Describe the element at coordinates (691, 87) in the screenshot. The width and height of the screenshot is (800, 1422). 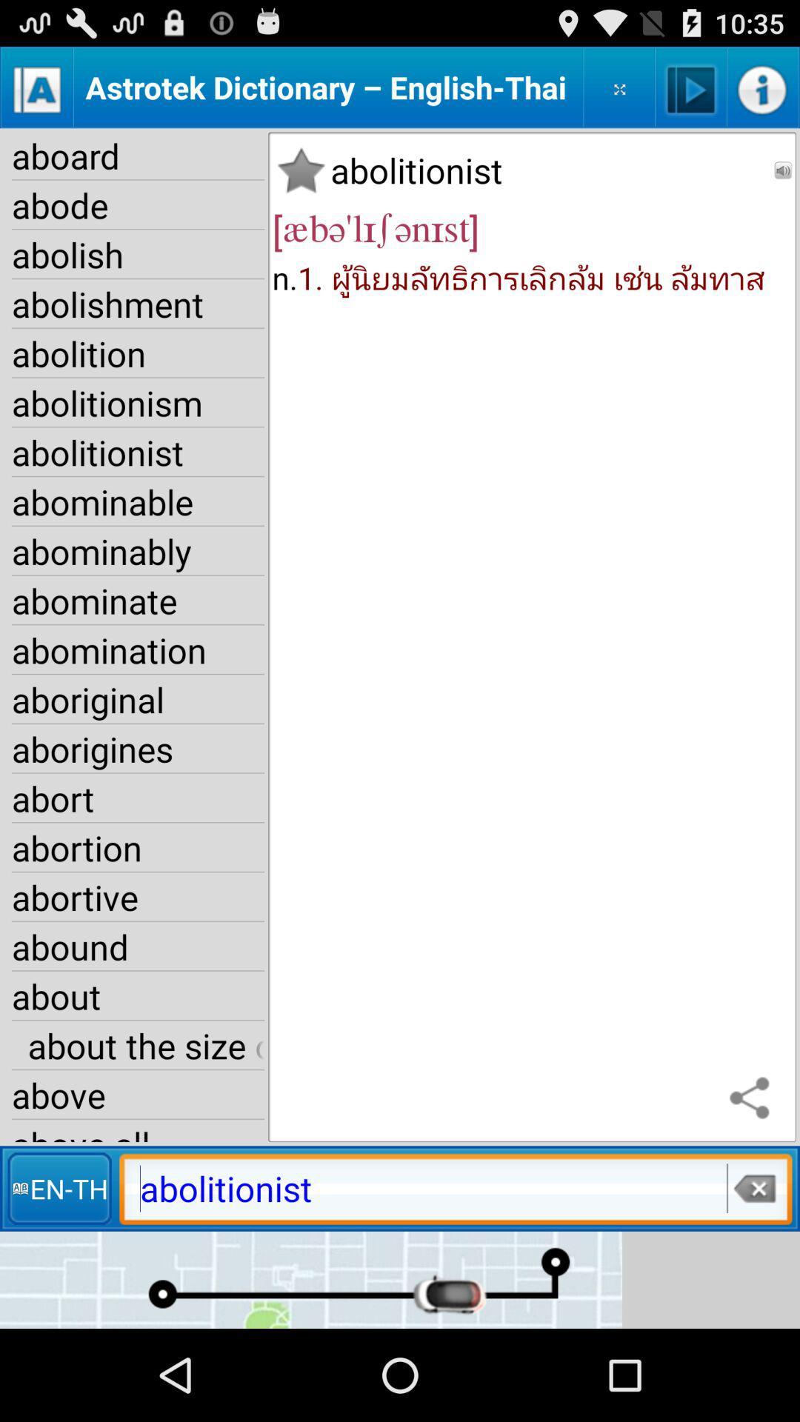
I see `sound` at that location.